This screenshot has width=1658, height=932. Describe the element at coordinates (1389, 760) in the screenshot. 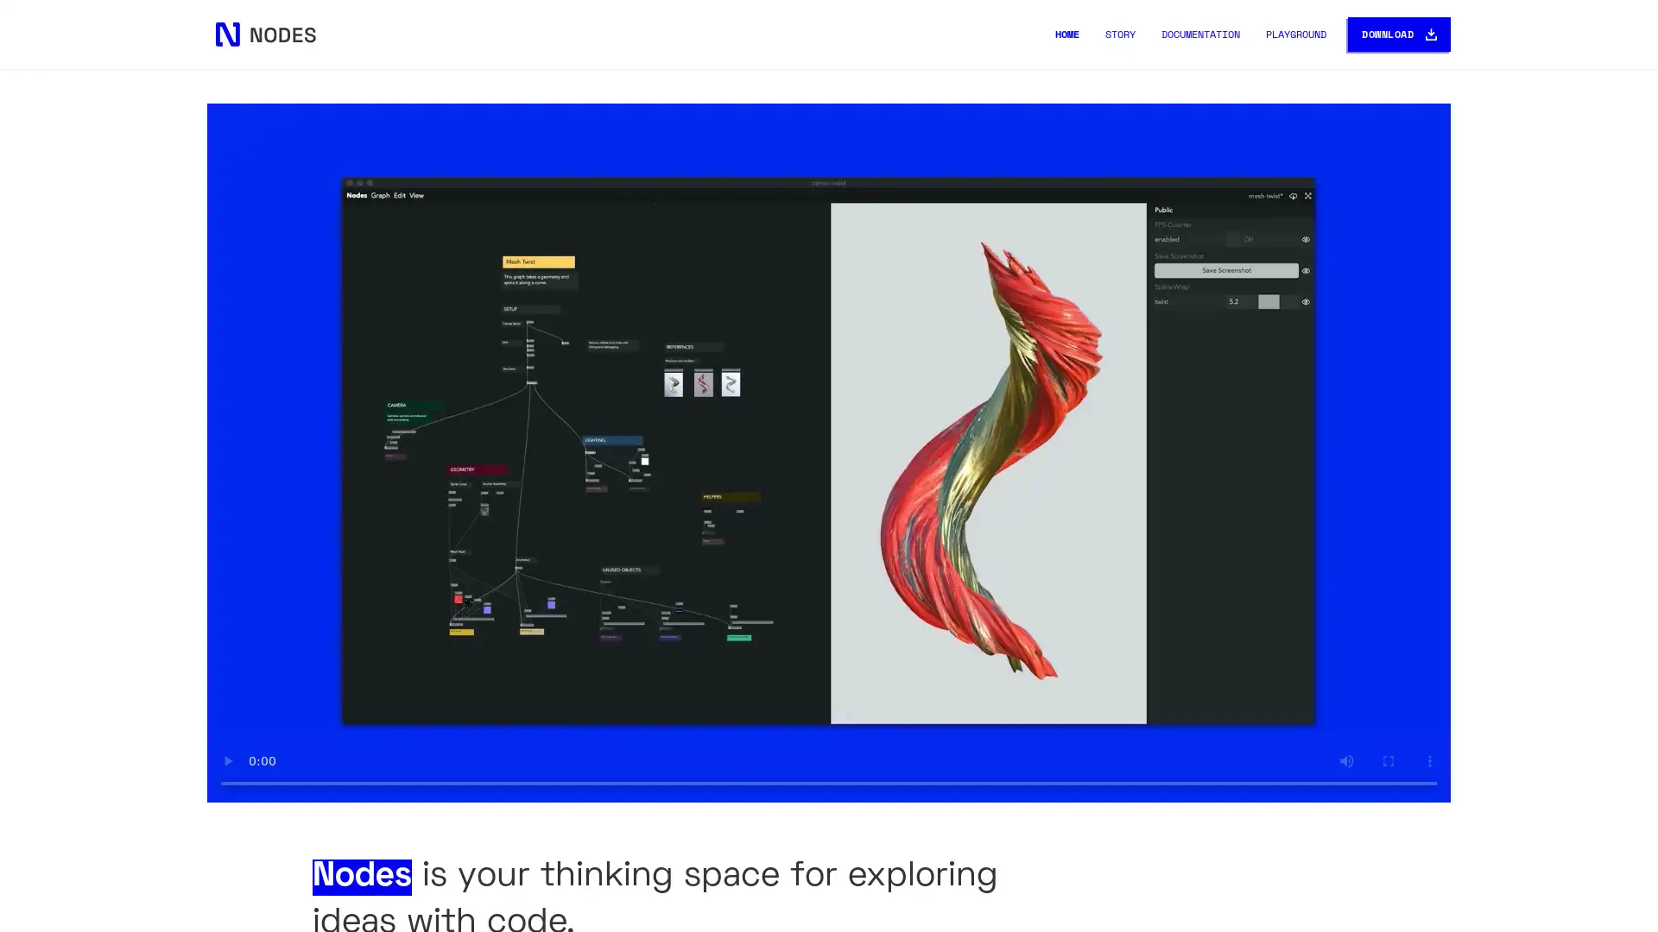

I see `enter full screen` at that location.